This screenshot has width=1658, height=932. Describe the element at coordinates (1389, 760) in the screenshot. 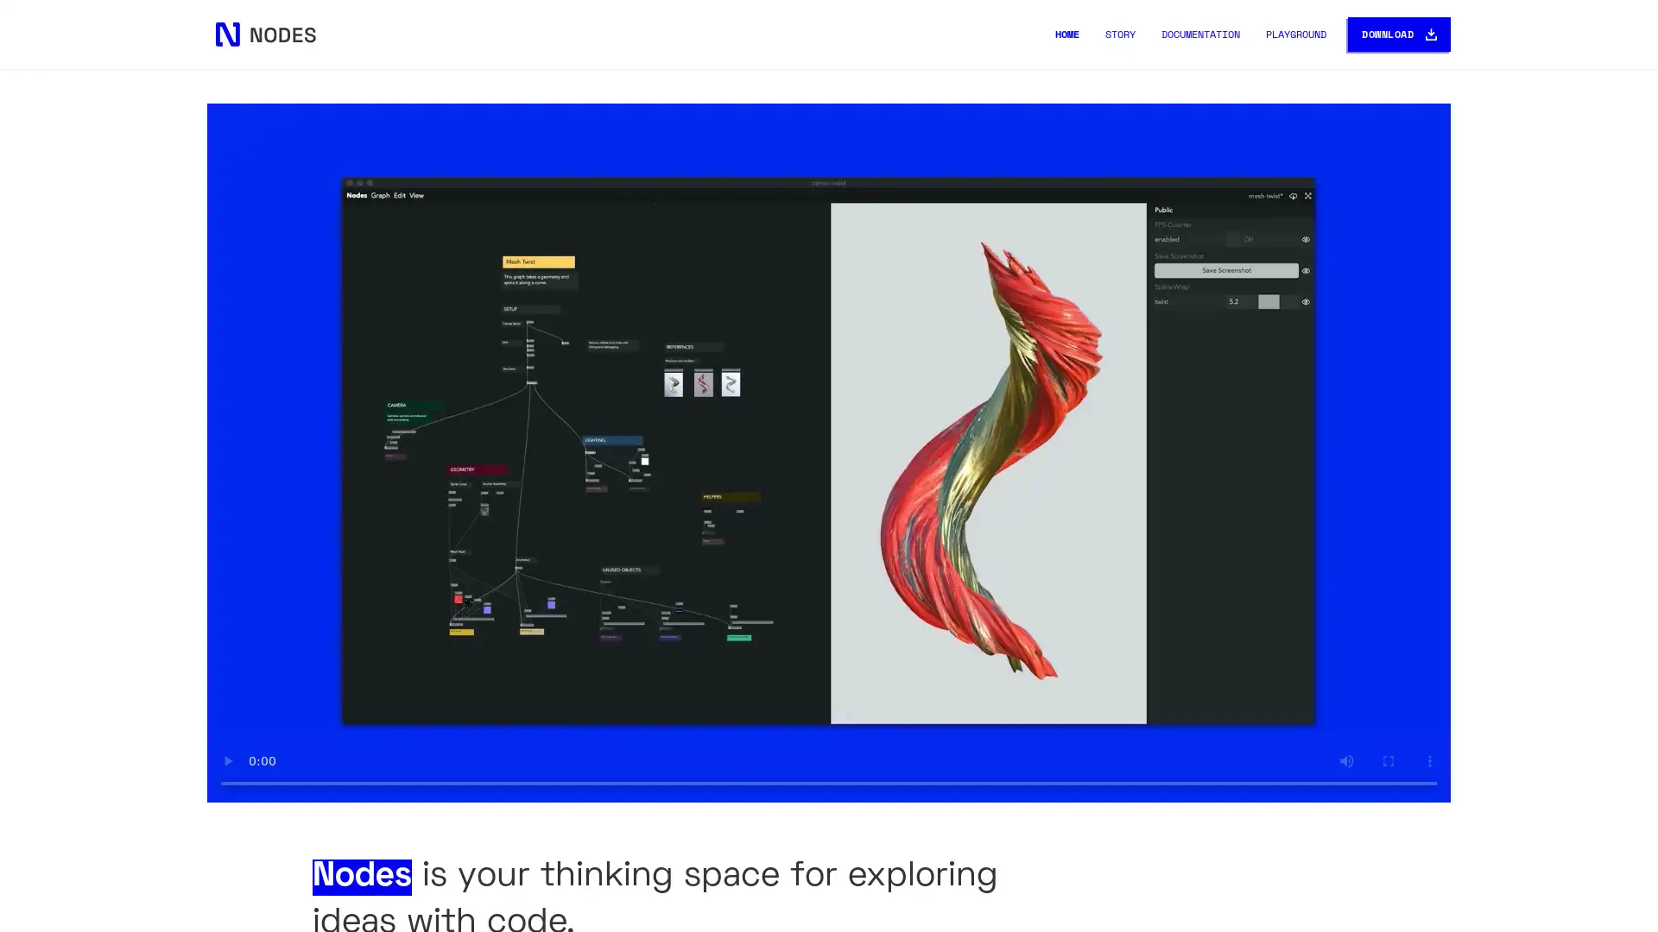

I see `enter full screen` at that location.